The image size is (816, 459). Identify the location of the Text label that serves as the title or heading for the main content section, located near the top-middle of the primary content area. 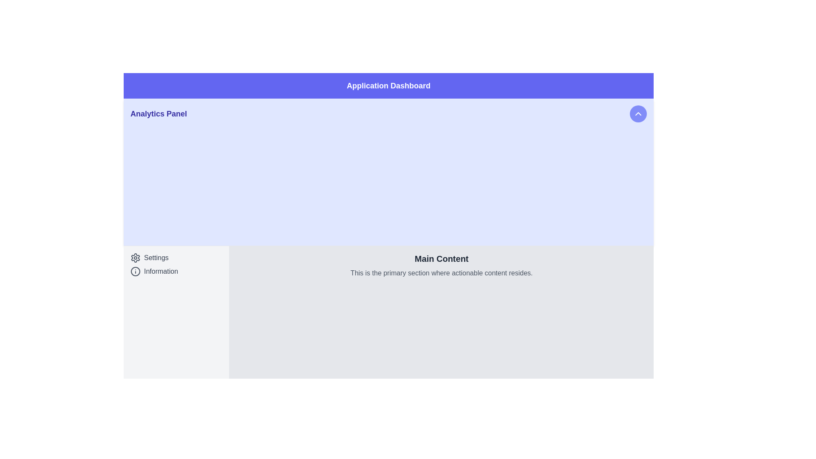
(442, 258).